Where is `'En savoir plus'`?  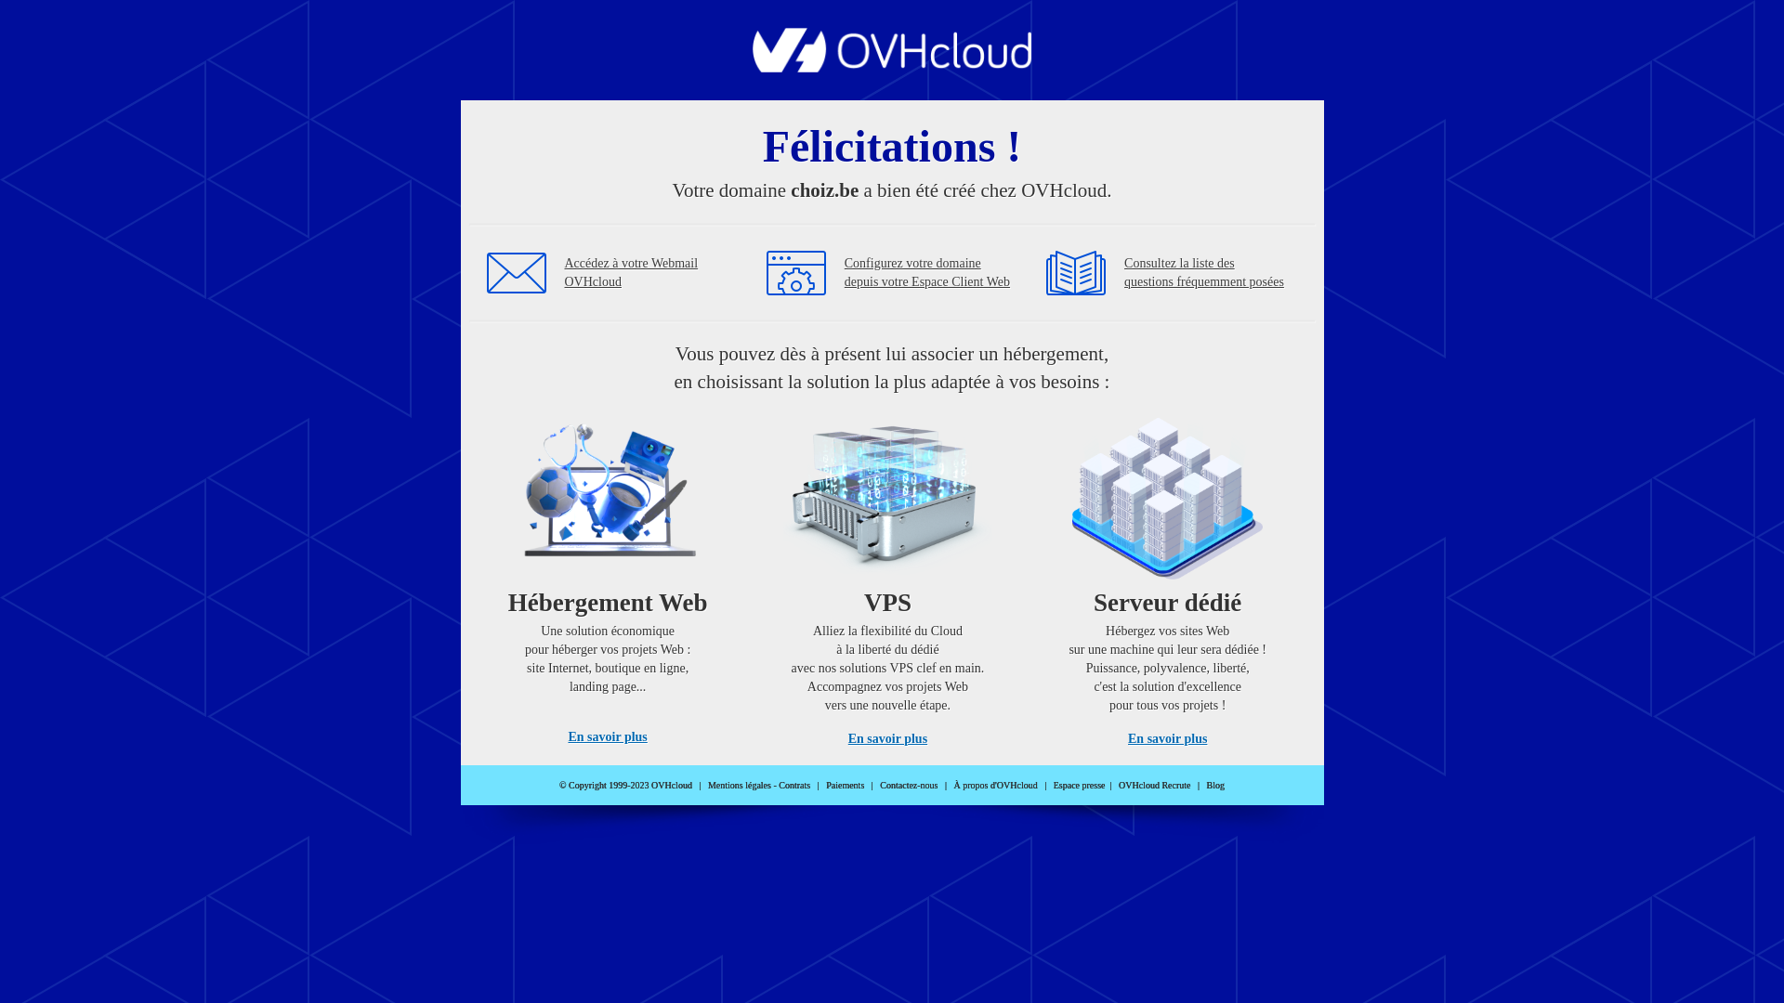 'En savoir plus' is located at coordinates (607, 736).